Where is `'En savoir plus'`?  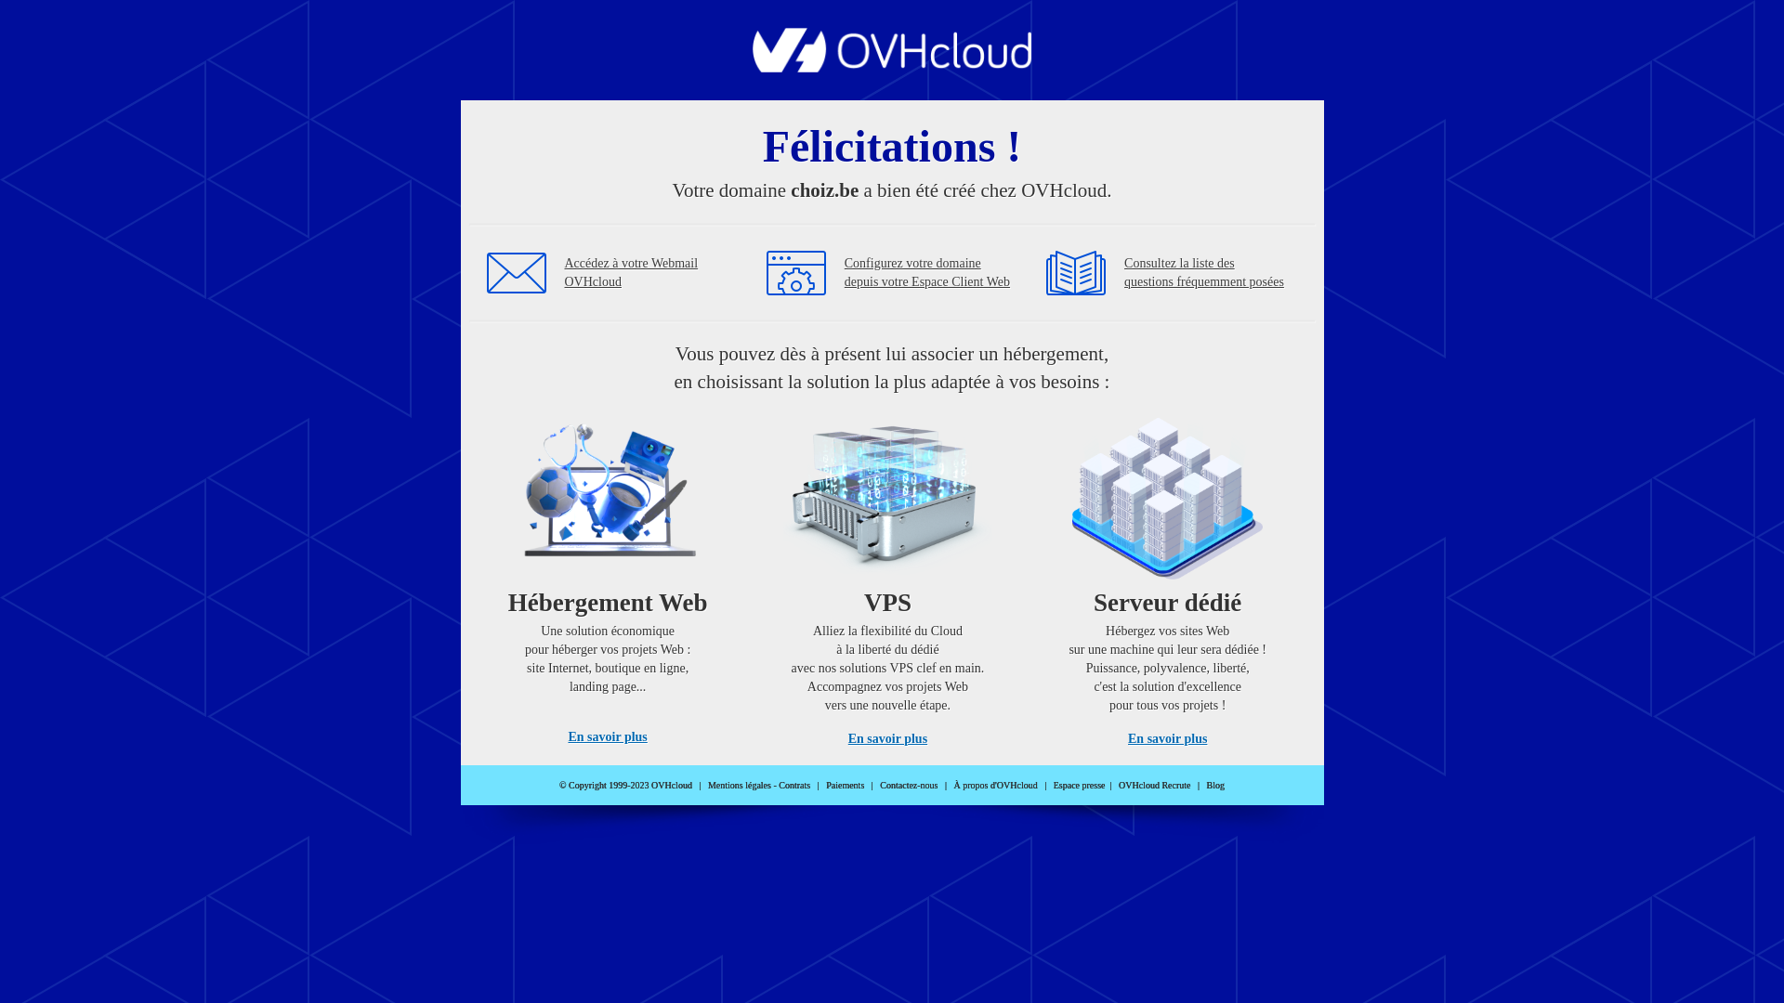 'En savoir plus' is located at coordinates (607, 736).